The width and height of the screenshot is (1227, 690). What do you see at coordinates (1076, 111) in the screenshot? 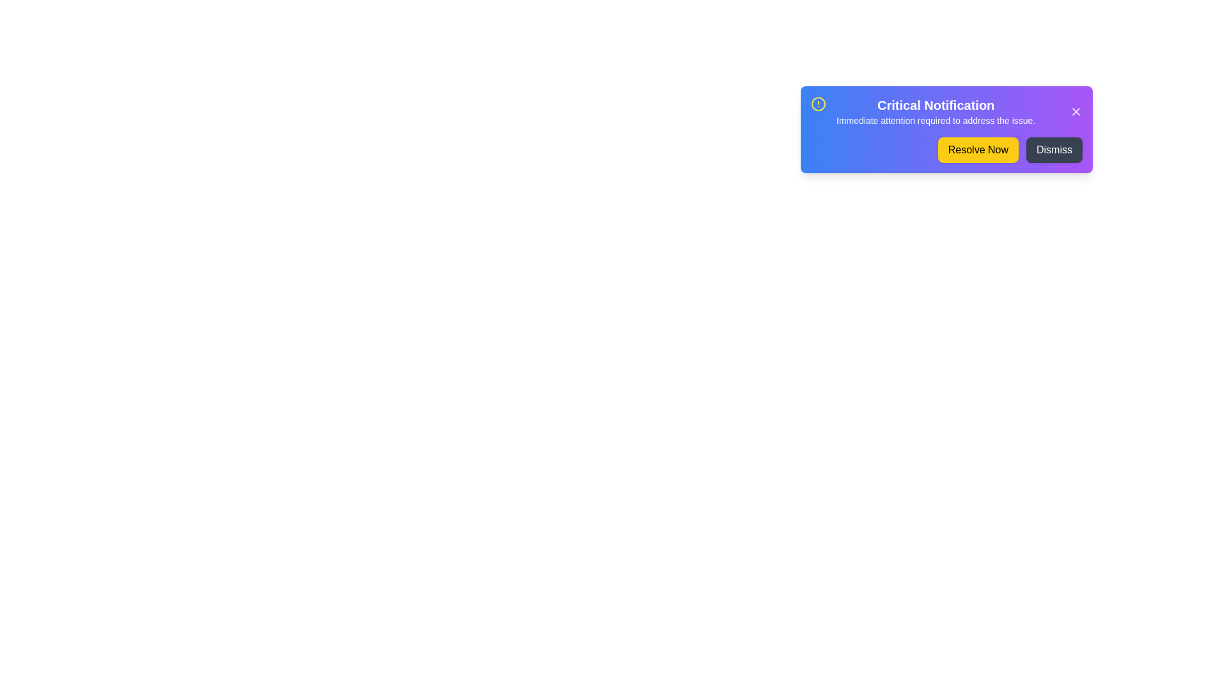
I see `the cross-like icon in the notification bar` at bounding box center [1076, 111].